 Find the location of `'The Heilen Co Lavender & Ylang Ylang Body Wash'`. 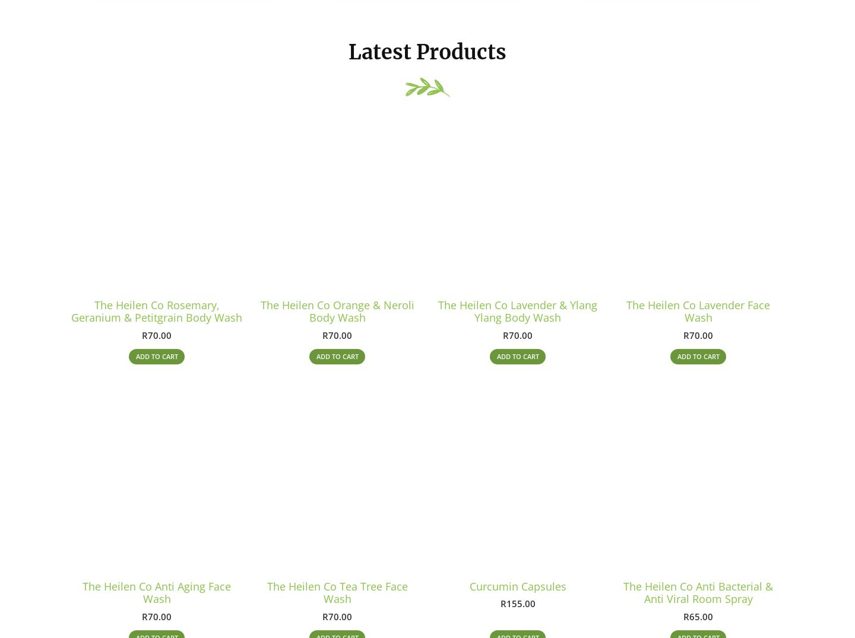

'The Heilen Co Lavender & Ylang Ylang Body Wash' is located at coordinates (517, 315).